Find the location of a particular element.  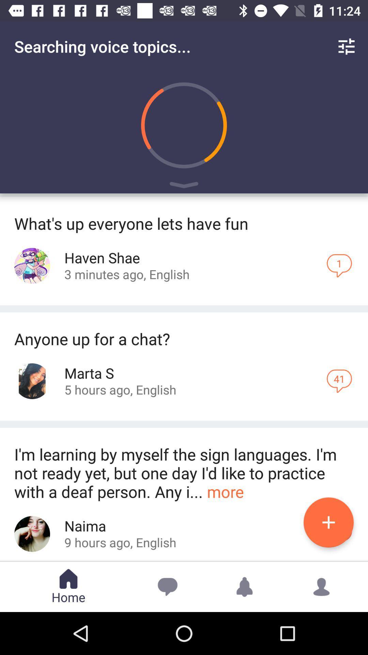

open 'marta s profile is located at coordinates (32, 381).